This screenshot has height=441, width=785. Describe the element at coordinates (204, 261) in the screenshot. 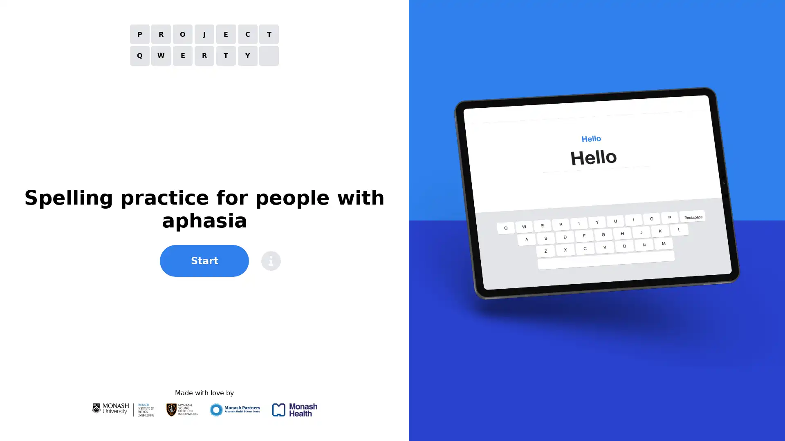

I see `Start` at that location.